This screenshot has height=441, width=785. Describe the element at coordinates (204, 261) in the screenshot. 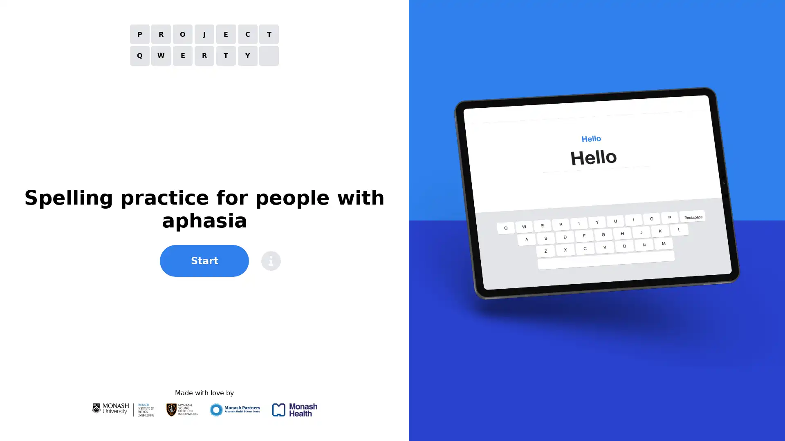

I see `Start` at that location.